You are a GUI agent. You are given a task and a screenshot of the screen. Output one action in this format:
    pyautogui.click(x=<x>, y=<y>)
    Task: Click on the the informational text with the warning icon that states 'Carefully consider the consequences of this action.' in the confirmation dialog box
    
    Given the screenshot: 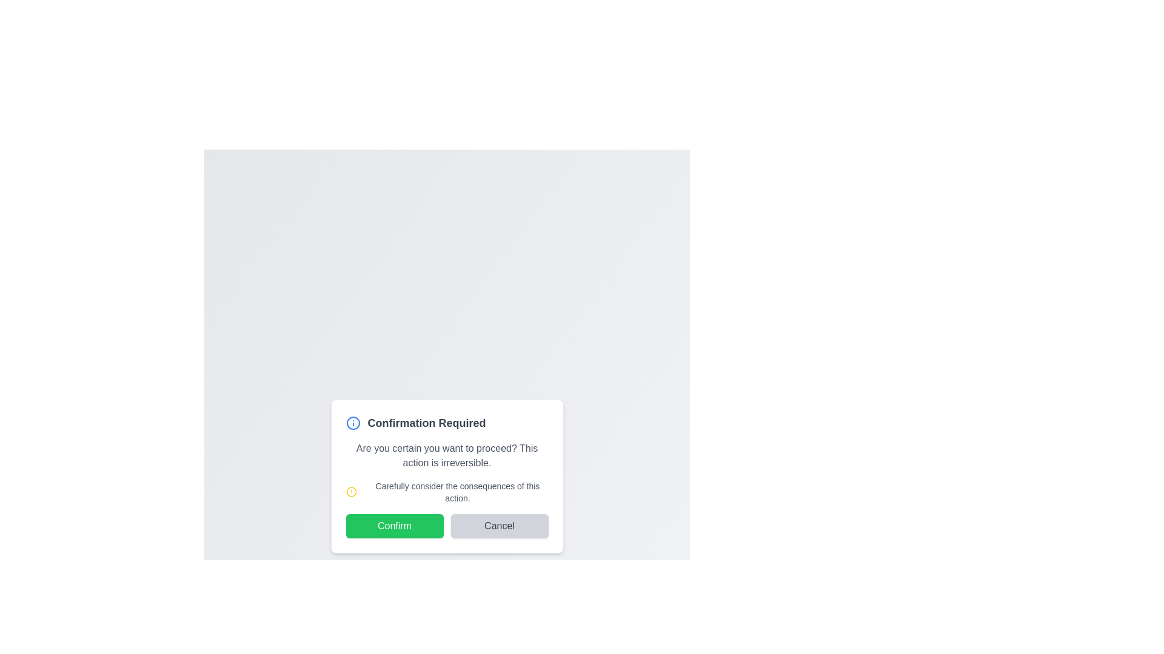 What is the action you would take?
    pyautogui.click(x=446, y=492)
    